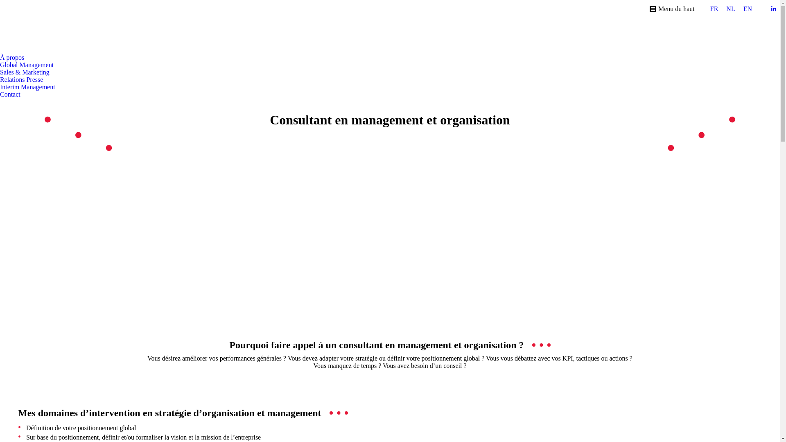 The image size is (786, 442). What do you see at coordinates (21, 80) in the screenshot?
I see `'Relations Presse'` at bounding box center [21, 80].